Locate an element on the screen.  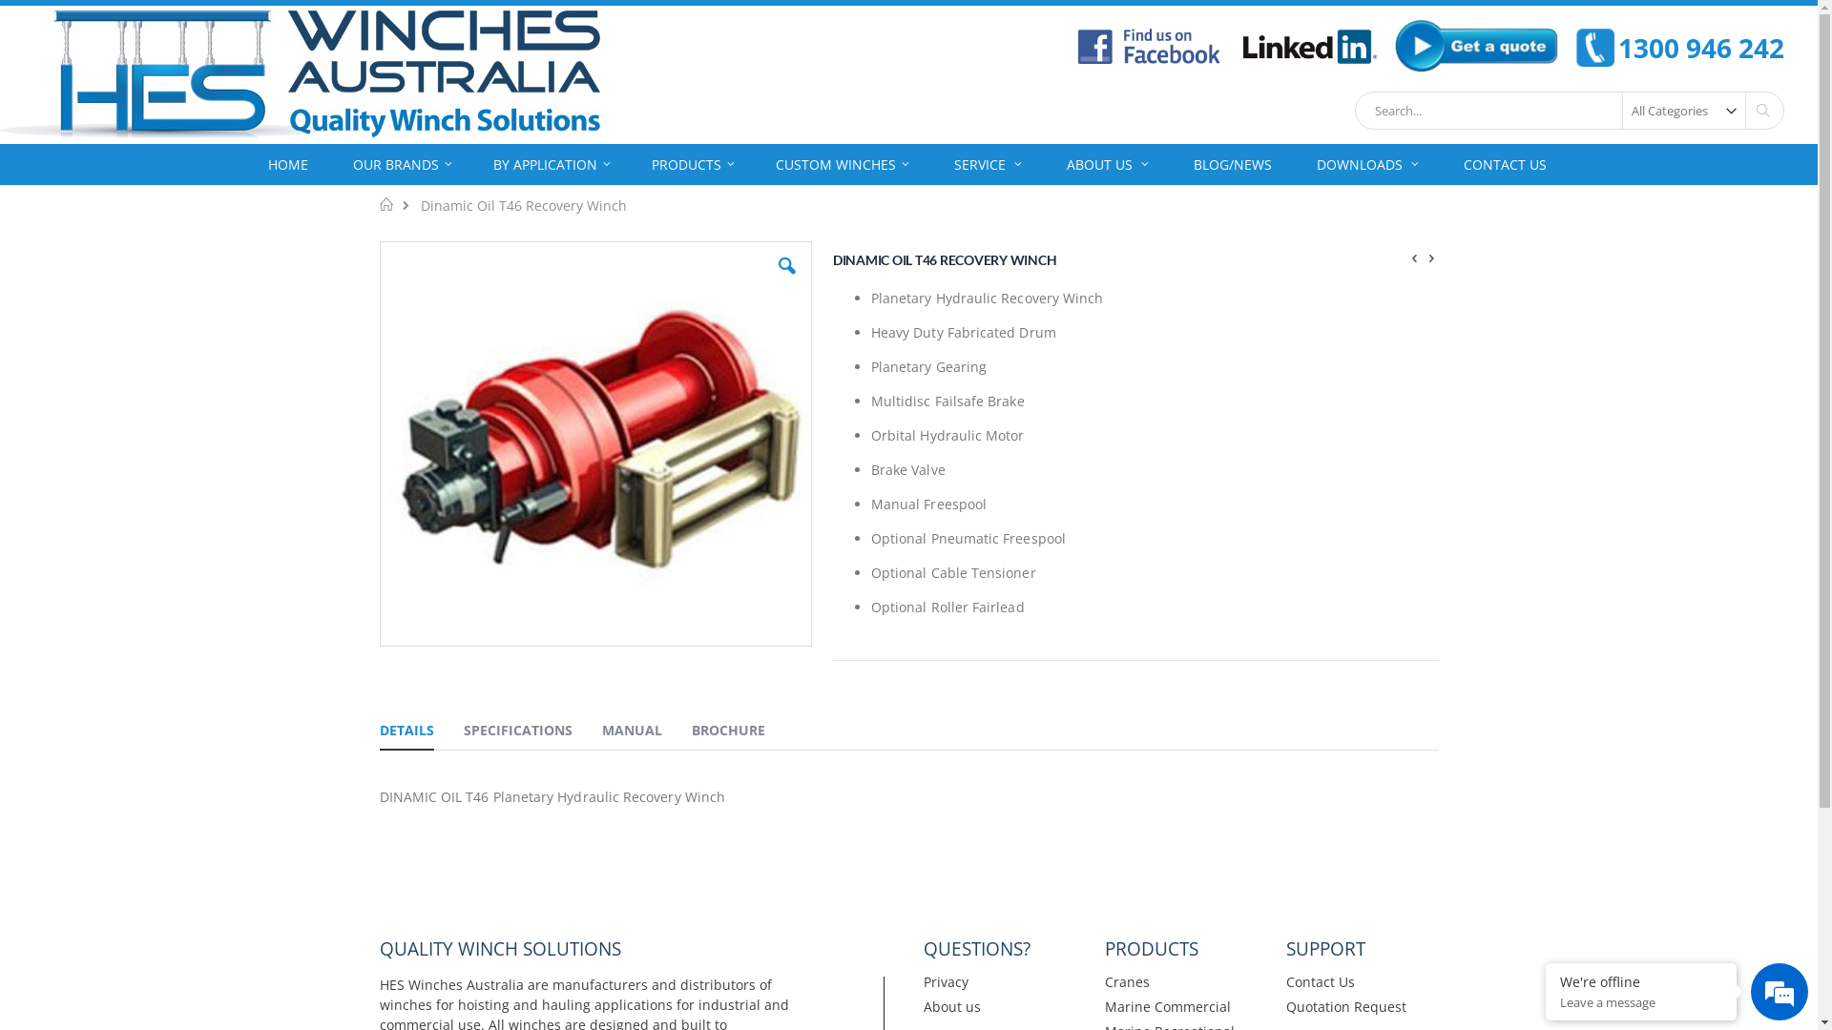
'CUSTOM WINCHES' is located at coordinates (842, 163).